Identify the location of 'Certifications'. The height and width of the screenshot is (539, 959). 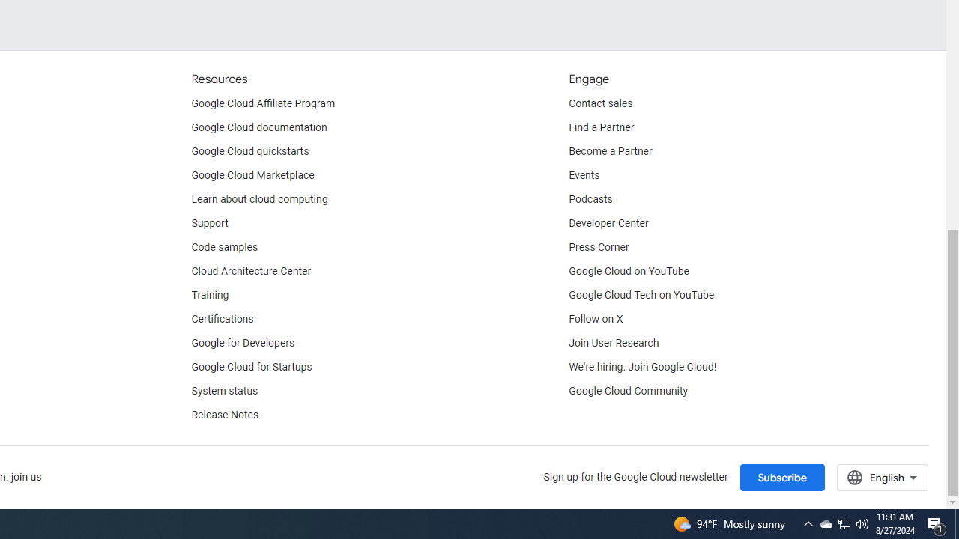
(221, 318).